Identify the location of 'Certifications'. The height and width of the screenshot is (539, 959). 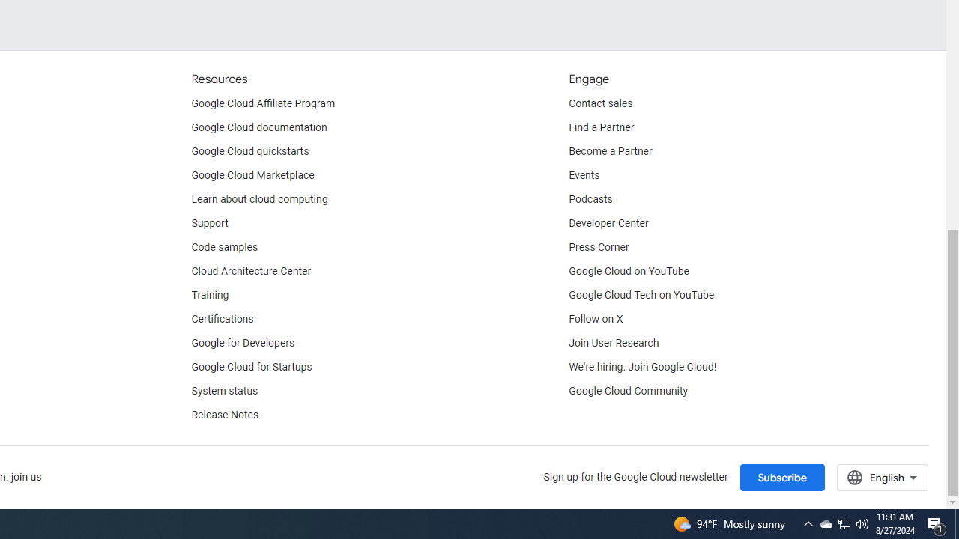
(221, 318).